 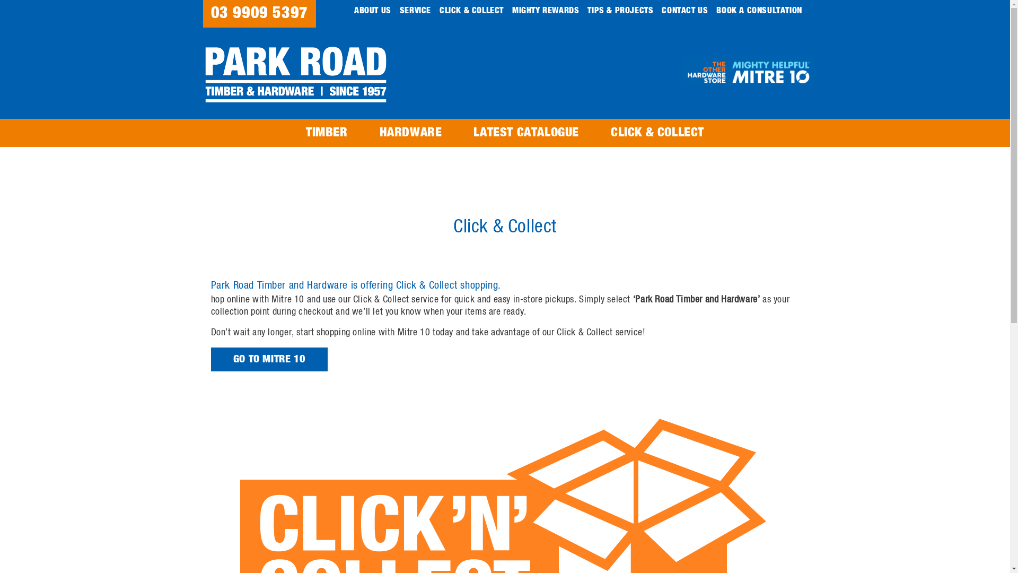 I want to click on 'CONTACT US', so click(x=684, y=10).